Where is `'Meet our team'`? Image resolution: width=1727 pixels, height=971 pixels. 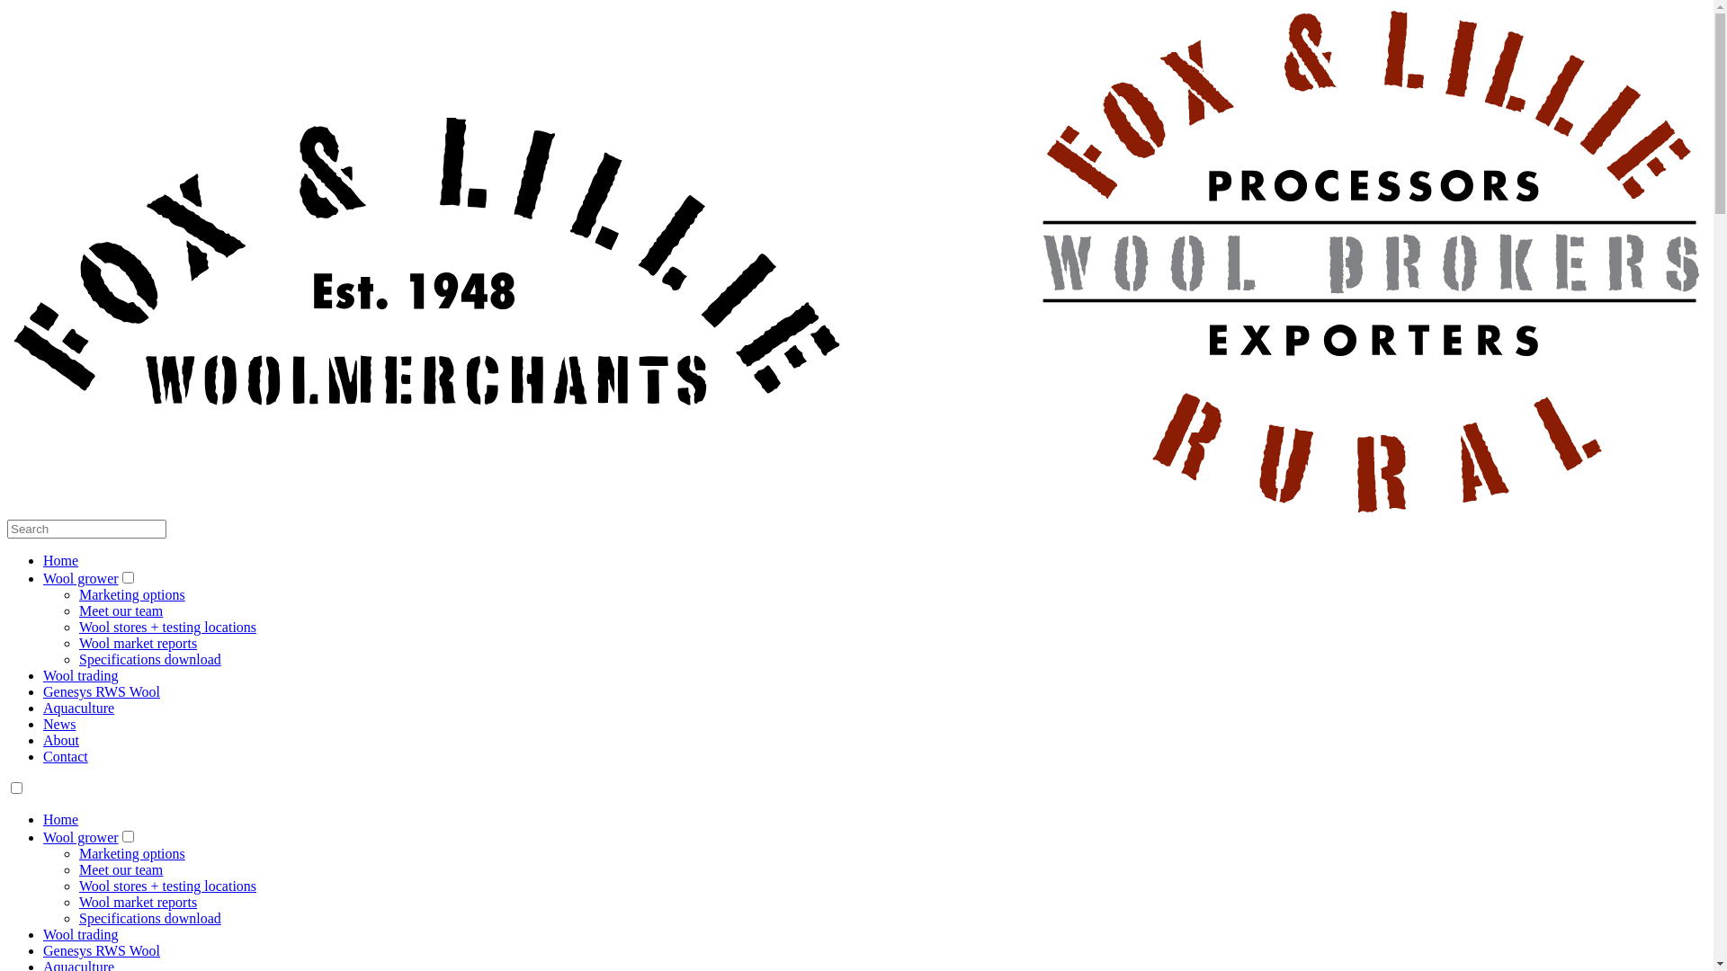 'Meet our team' is located at coordinates (120, 610).